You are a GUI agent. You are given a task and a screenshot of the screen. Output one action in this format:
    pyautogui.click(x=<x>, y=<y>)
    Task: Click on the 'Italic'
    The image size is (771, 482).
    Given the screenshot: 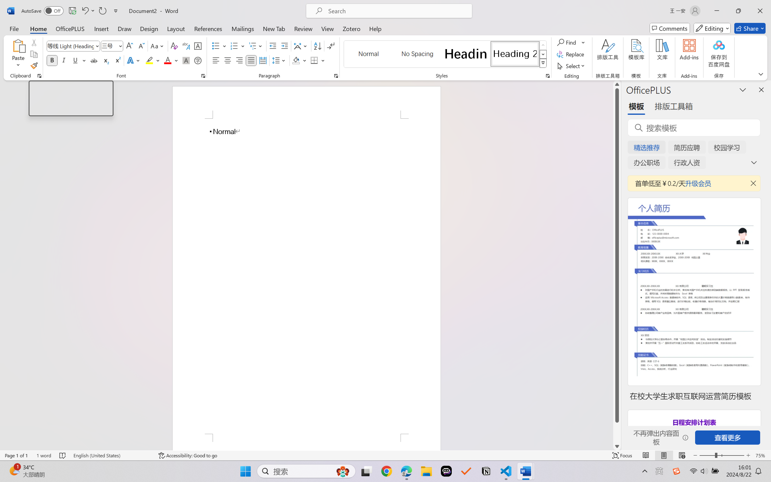 What is the action you would take?
    pyautogui.click(x=63, y=60)
    